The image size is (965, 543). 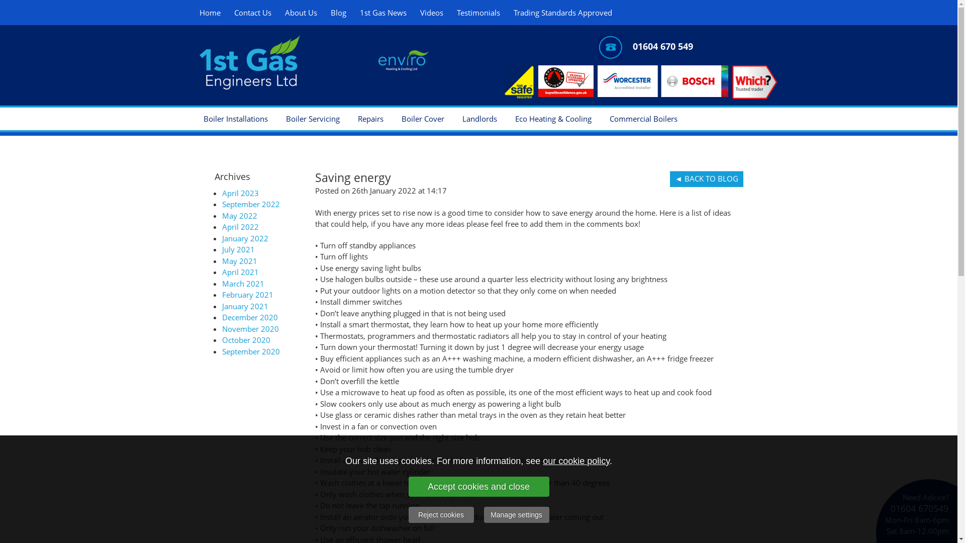 What do you see at coordinates (422, 118) in the screenshot?
I see `'Boiler Cover'` at bounding box center [422, 118].